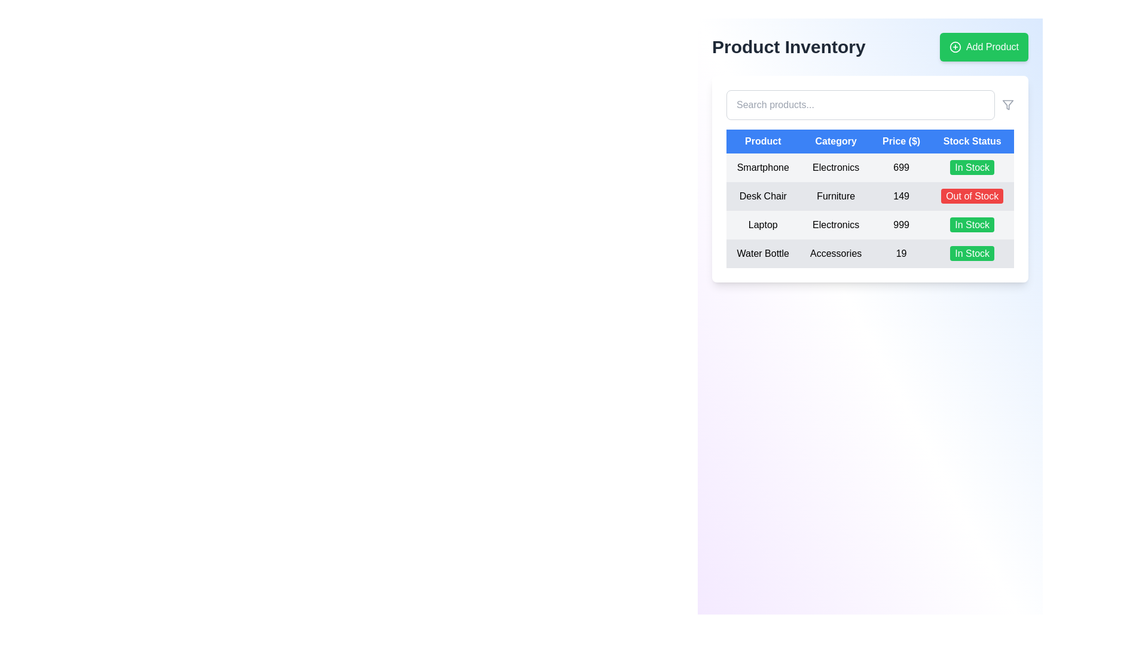  I want to click on the static data cell displaying '999' in the 'Price ($)' column of the table, located in the third row, with bold and centered text, so click(901, 225).